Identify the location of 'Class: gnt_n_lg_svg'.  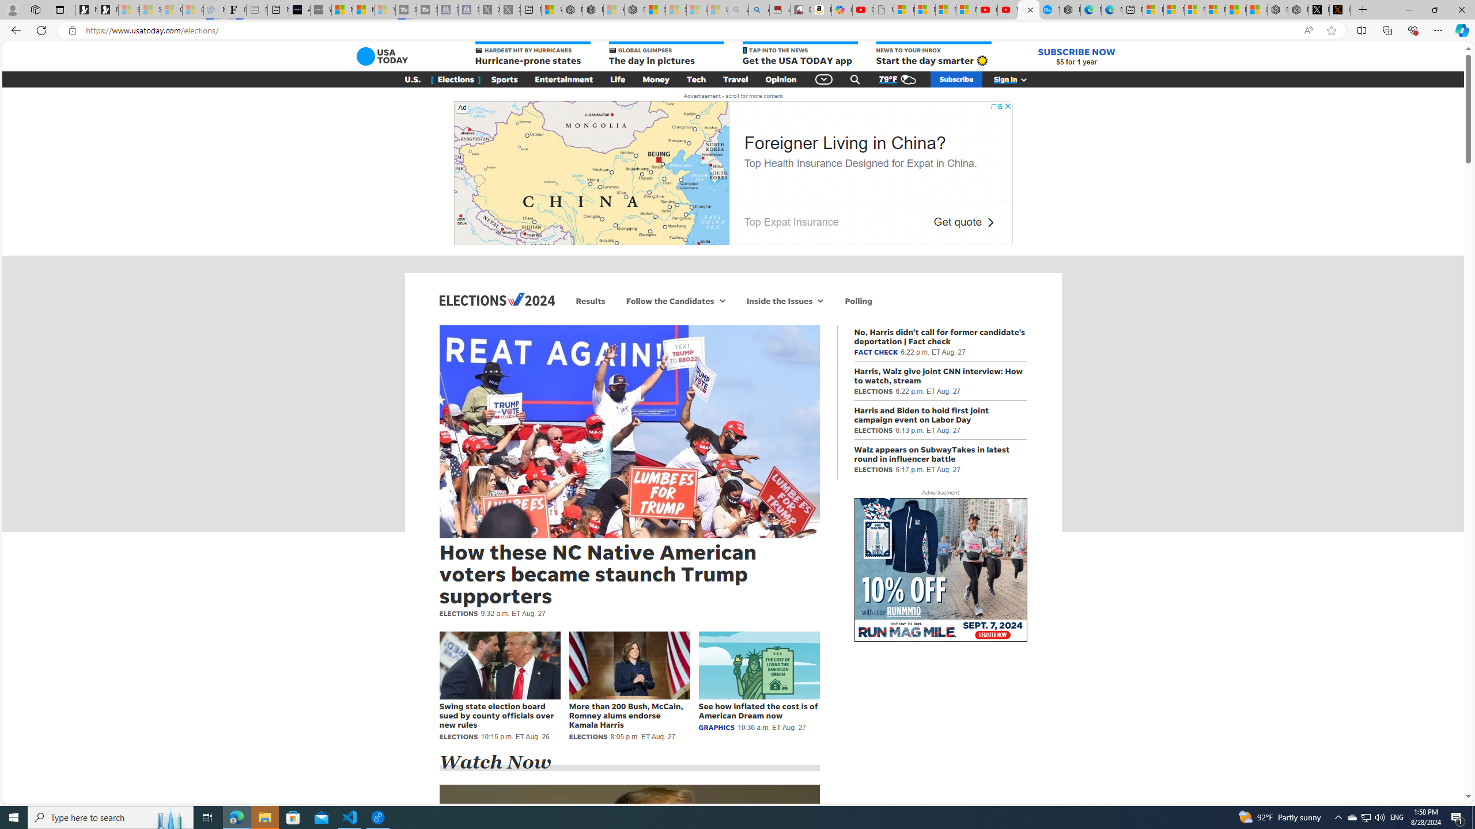
(382, 55).